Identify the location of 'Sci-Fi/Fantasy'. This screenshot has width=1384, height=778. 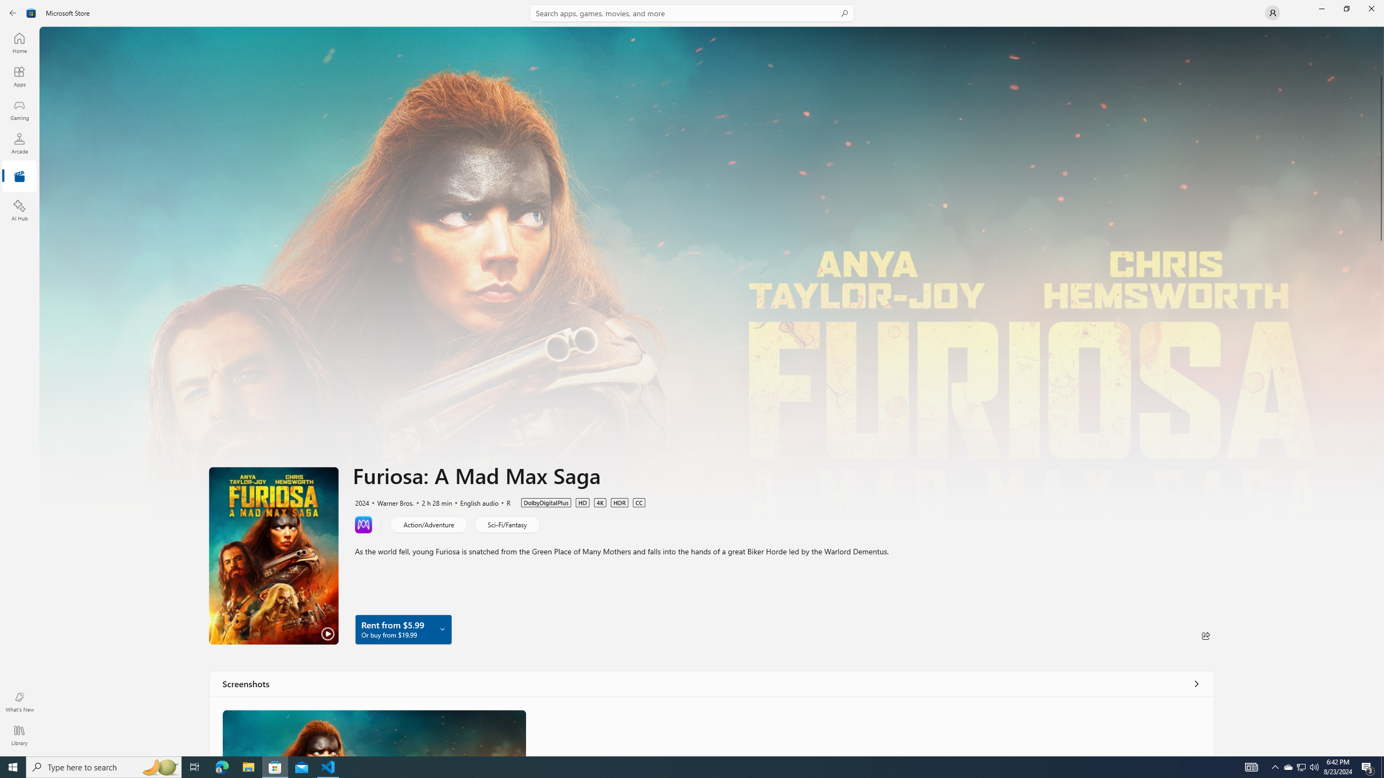
(507, 524).